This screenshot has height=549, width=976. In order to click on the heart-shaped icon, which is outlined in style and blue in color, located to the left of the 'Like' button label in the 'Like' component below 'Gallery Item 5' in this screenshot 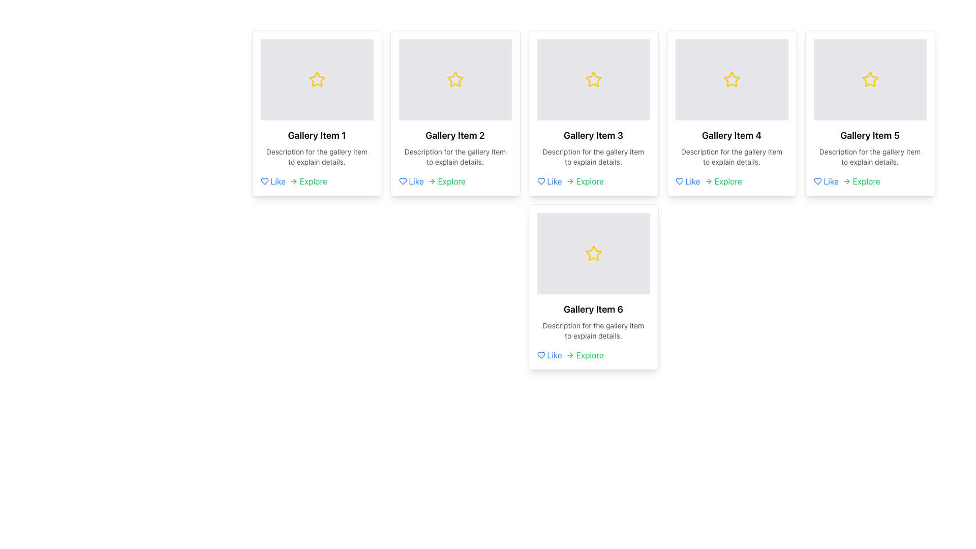, I will do `click(817, 181)`.